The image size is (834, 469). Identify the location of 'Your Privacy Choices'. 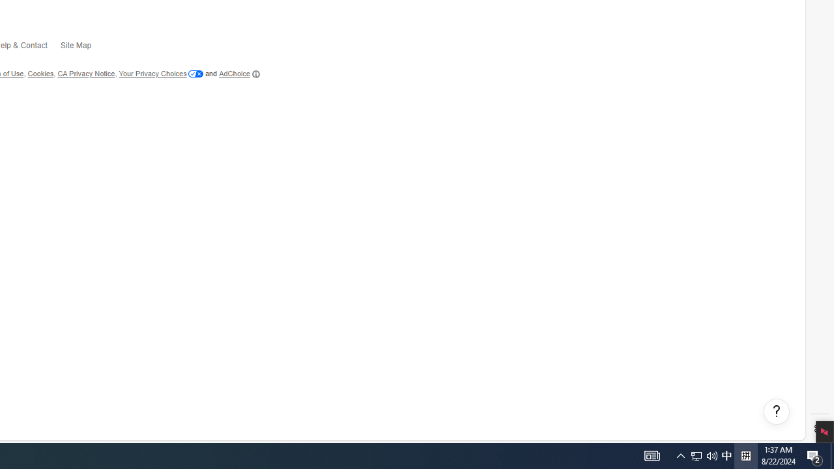
(160, 74).